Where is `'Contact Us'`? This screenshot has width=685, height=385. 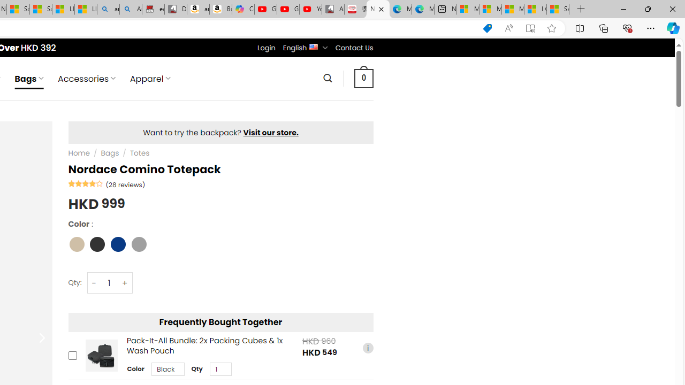 'Contact Us' is located at coordinates (354, 47).